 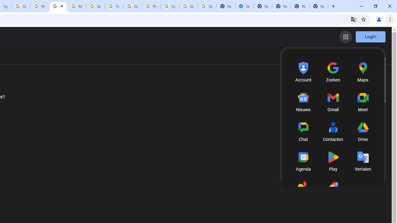 What do you see at coordinates (188, 6) in the screenshot?
I see `'Google Cybersecurity Innovations - Google Safety Center'` at bounding box center [188, 6].